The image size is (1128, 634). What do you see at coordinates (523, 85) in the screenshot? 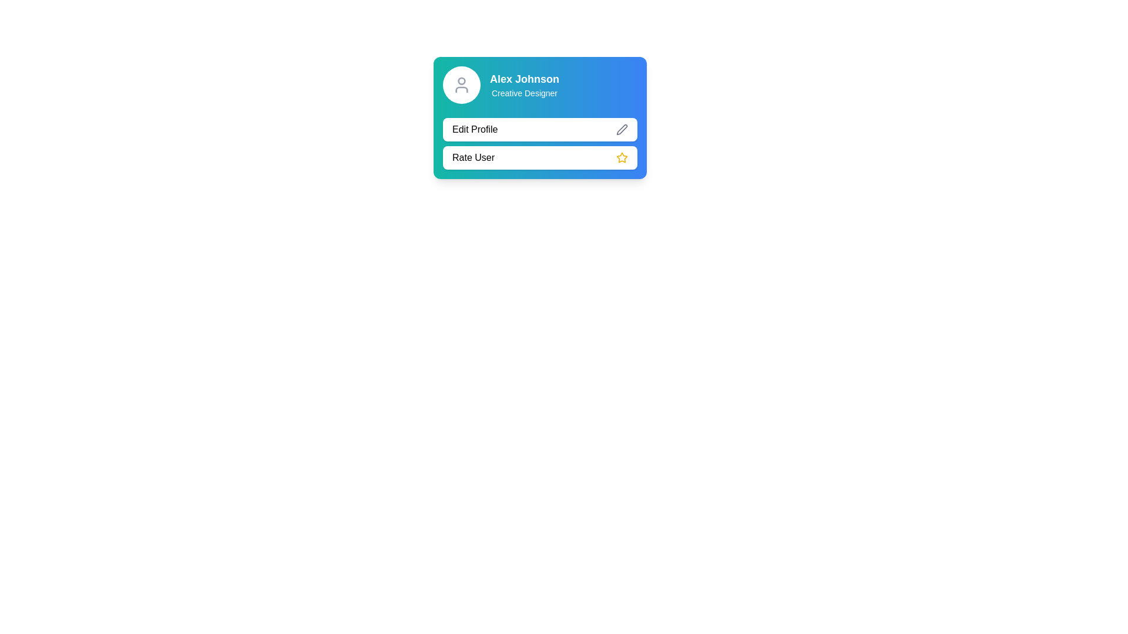
I see `the Text label displaying 'Alex Johnson' and 'Creative Designer' on a gradient blue background` at bounding box center [523, 85].